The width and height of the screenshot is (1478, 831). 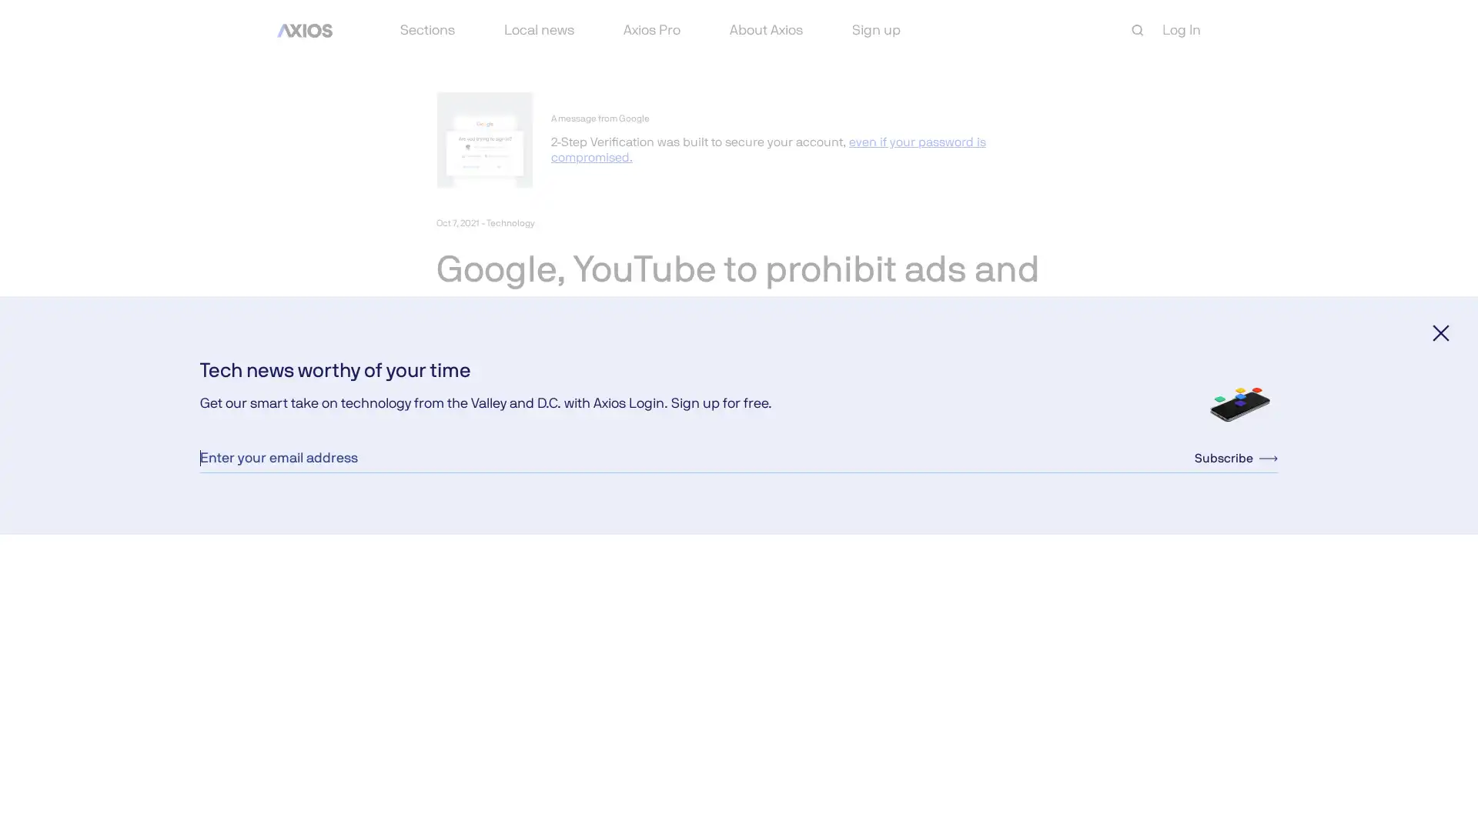 What do you see at coordinates (1236, 456) in the screenshot?
I see `Subscribe` at bounding box center [1236, 456].